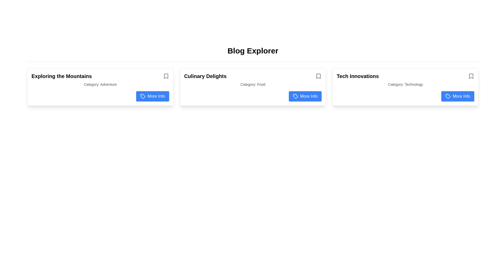 Image resolution: width=496 pixels, height=279 pixels. I want to click on text label displaying 'Category: Adventure' located below the title 'Exploring the Mountains' in the card interface, so click(100, 84).